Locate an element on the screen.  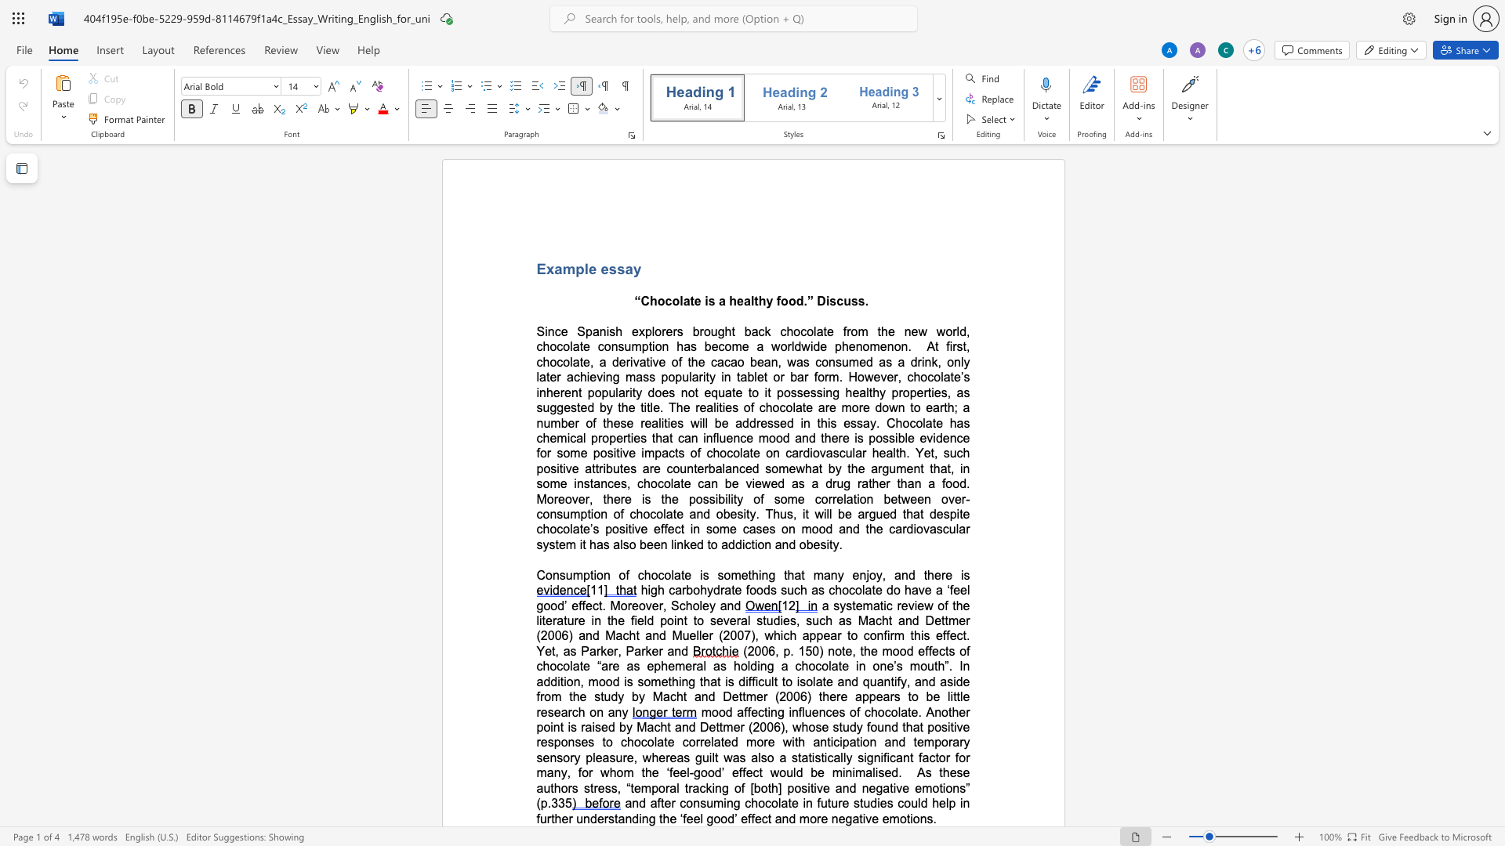
the space between the continuous character "e" and "s" in the text is located at coordinates (607, 268).